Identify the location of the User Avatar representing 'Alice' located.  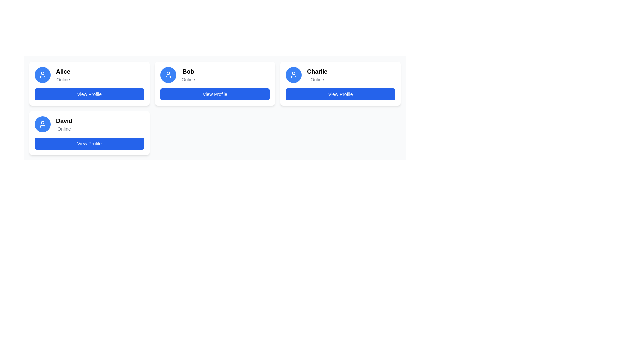
(42, 75).